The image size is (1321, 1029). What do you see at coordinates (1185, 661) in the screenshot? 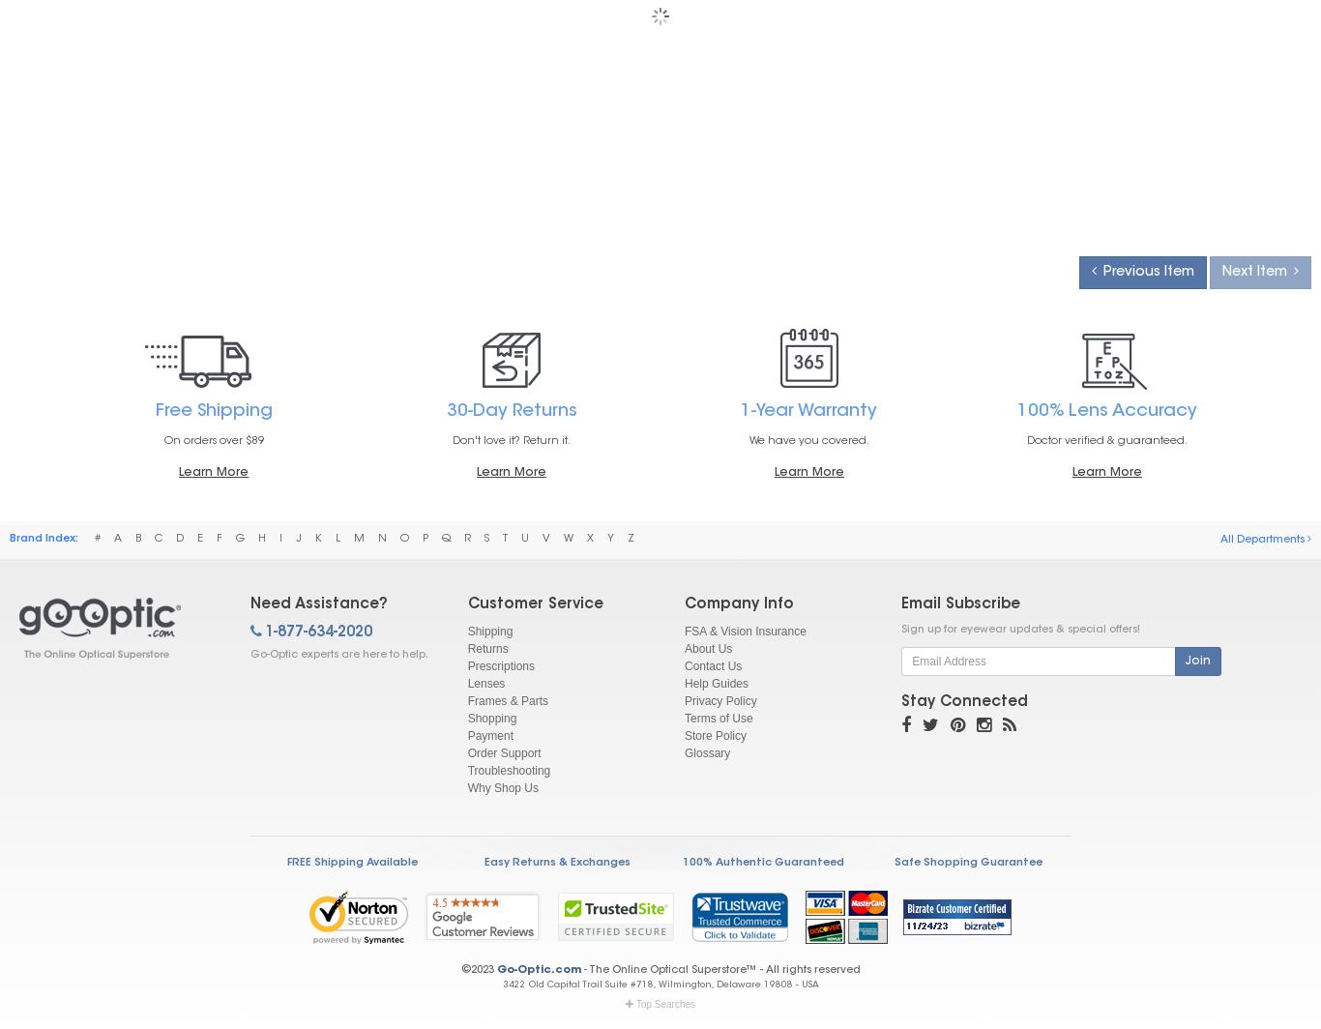
I see `'Join'` at bounding box center [1185, 661].